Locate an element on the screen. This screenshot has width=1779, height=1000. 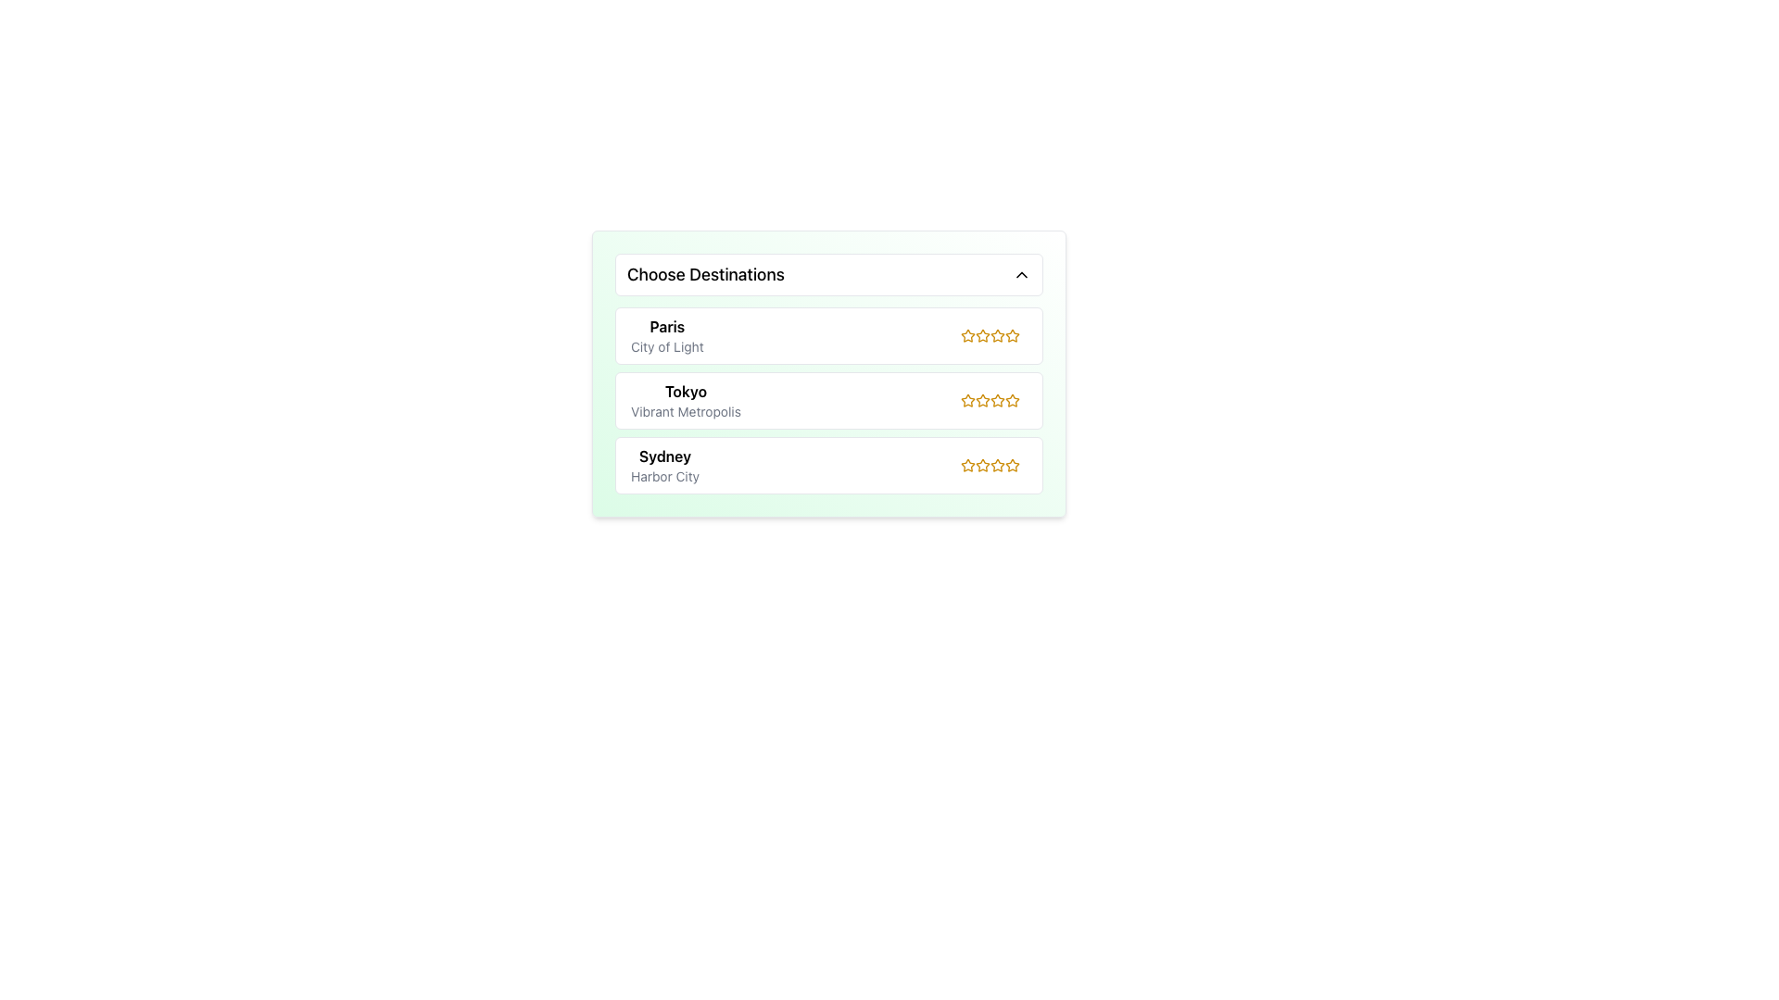
the third star in the 5-star rating system located in the 'Sydney' row beneath the 'Choose Destinations' heading to indicate a 3-star rating is located at coordinates (993, 464).